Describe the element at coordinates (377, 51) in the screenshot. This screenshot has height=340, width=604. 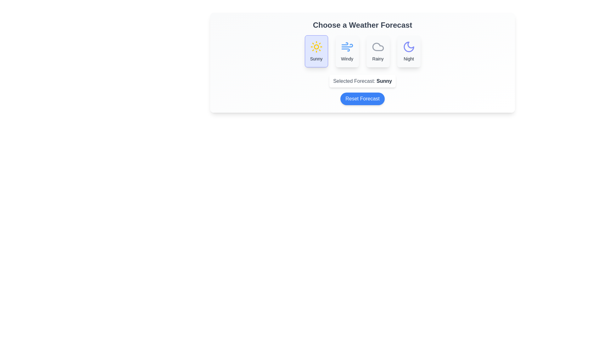
I see `the forecast option Rainy by clicking on the corresponding button` at that location.